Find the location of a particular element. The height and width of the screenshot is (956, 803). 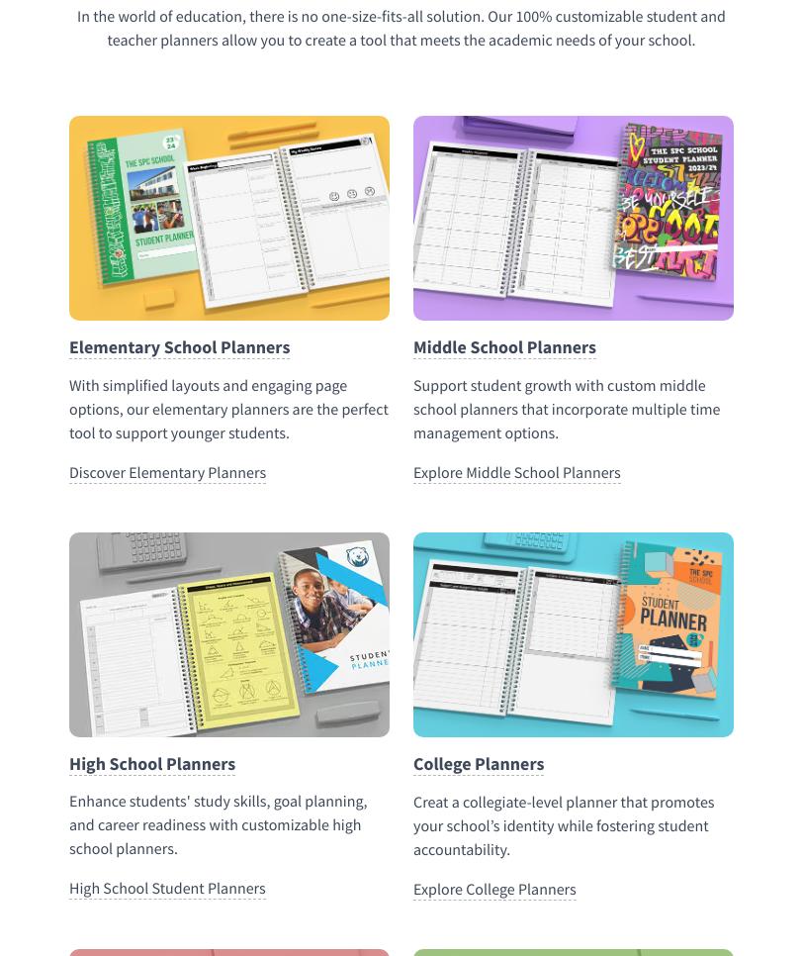

'School Planner Agreement' is located at coordinates (134, 654).